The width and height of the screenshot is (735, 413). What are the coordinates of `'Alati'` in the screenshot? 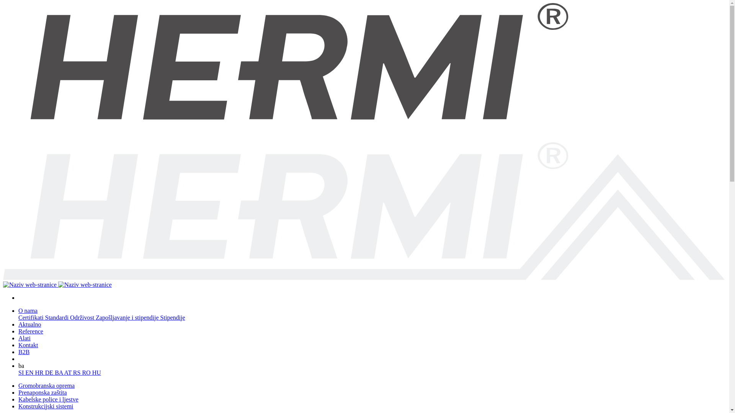 It's located at (18, 338).